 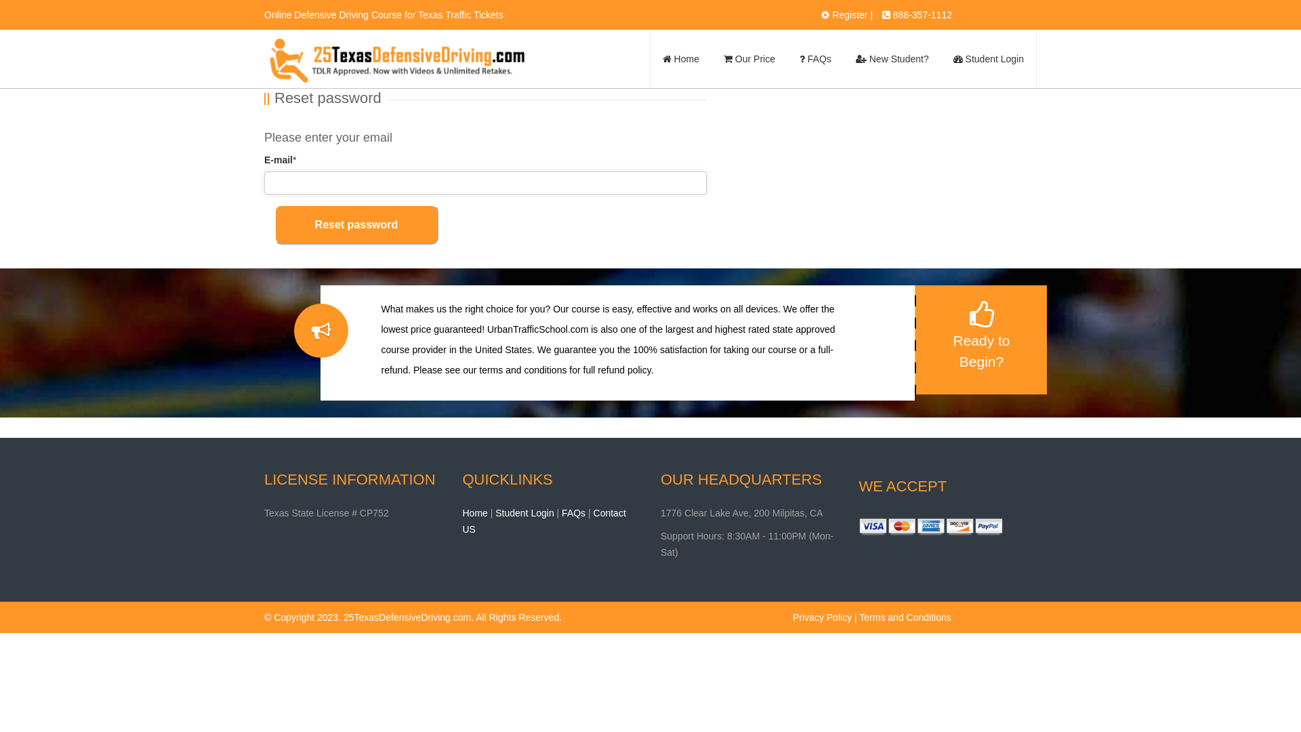 What do you see at coordinates (848, 15) in the screenshot?
I see `'Register'` at bounding box center [848, 15].